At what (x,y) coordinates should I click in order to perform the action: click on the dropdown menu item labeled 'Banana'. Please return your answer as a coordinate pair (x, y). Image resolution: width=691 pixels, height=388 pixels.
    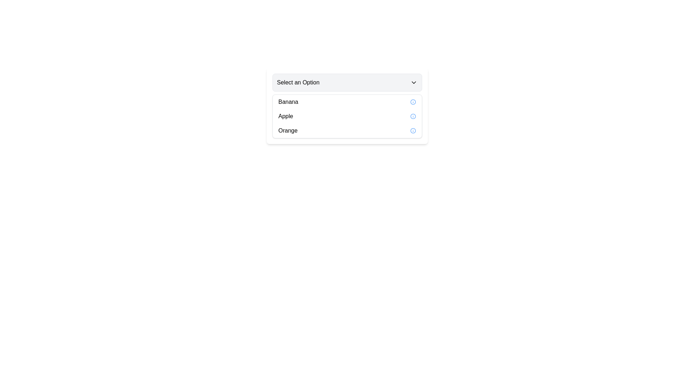
    Looking at the image, I should click on (347, 106).